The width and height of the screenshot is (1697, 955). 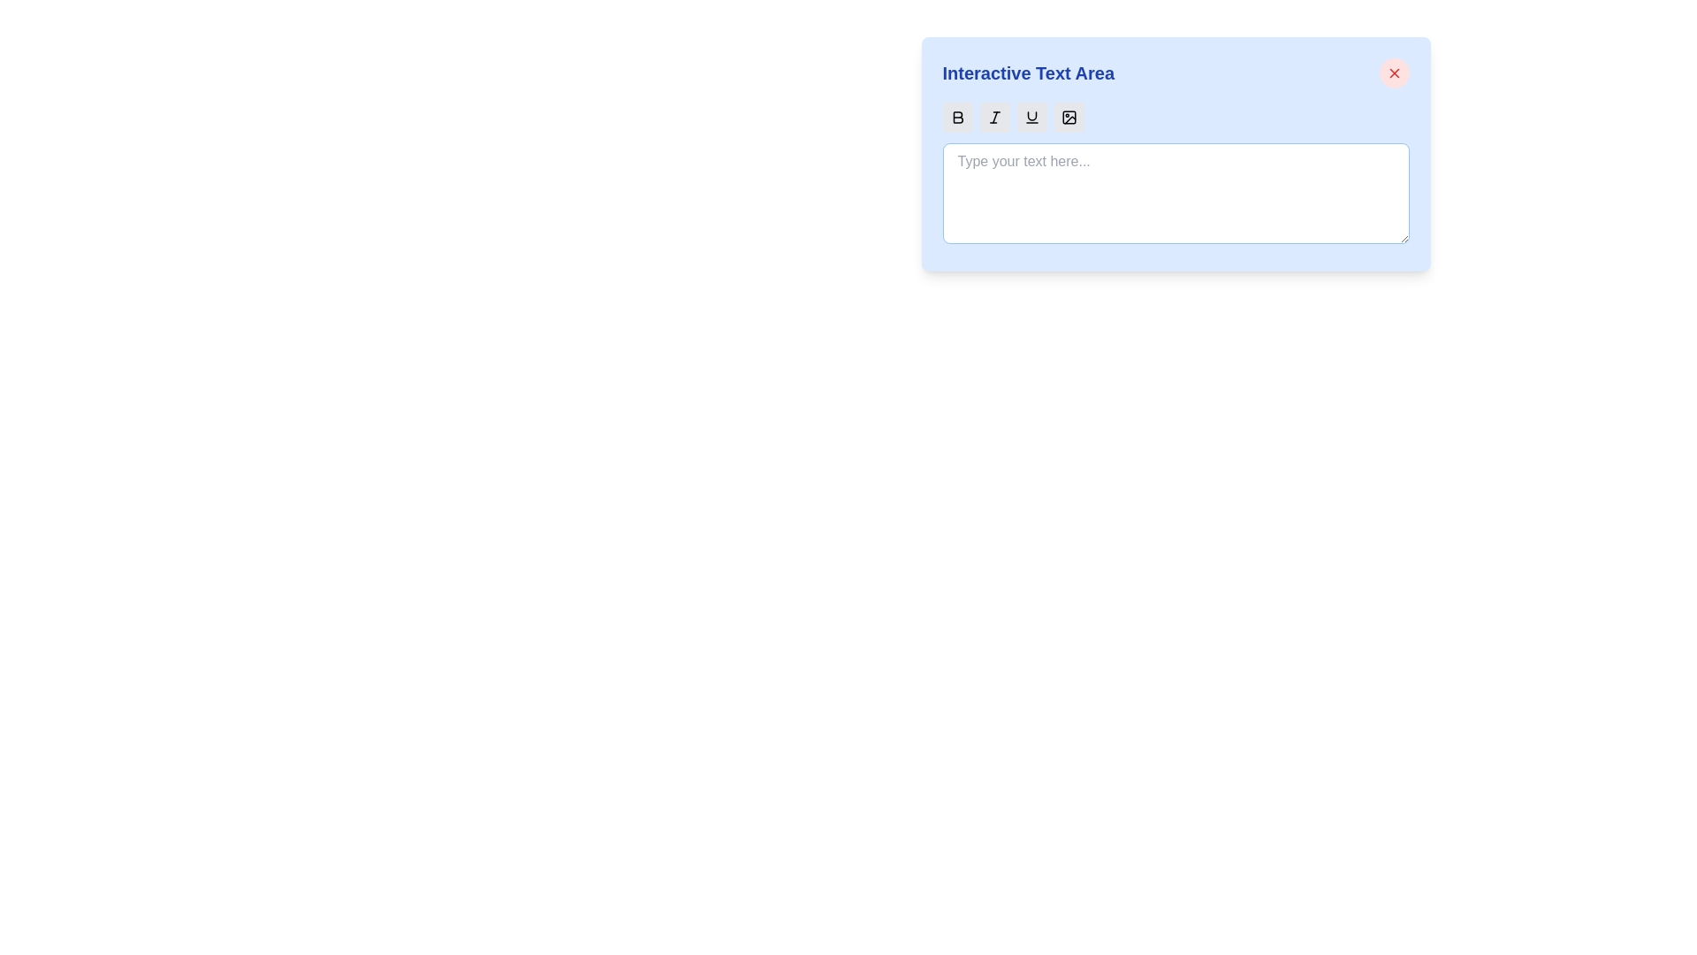 What do you see at coordinates (1176, 73) in the screenshot?
I see `the close button (circular red button with an 'X' symbol) on the Header titled 'Interactive Text Area'` at bounding box center [1176, 73].